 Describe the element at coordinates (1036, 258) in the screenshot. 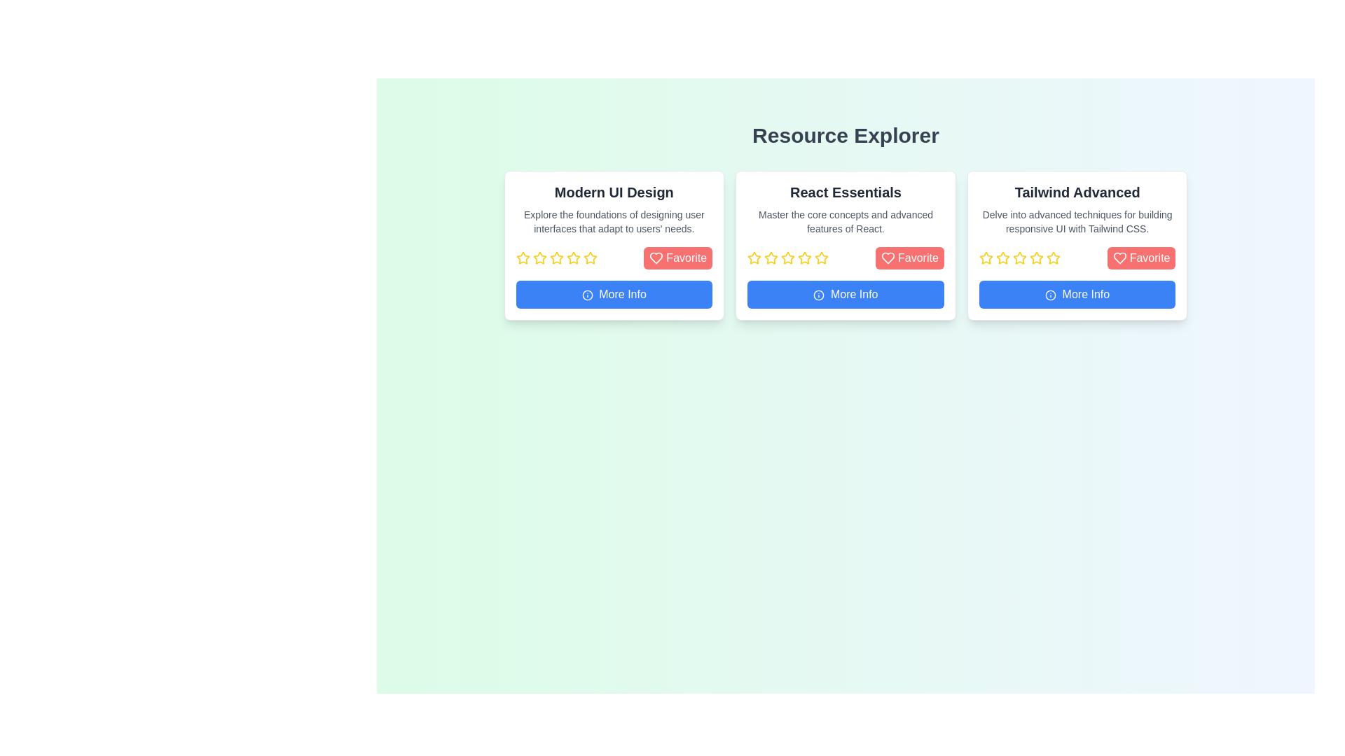

I see `the star icon, which is the fifth from the left in a horizontal row of six stars in the 'Tailwind Advanced' section, near the 'More Info' button` at that location.